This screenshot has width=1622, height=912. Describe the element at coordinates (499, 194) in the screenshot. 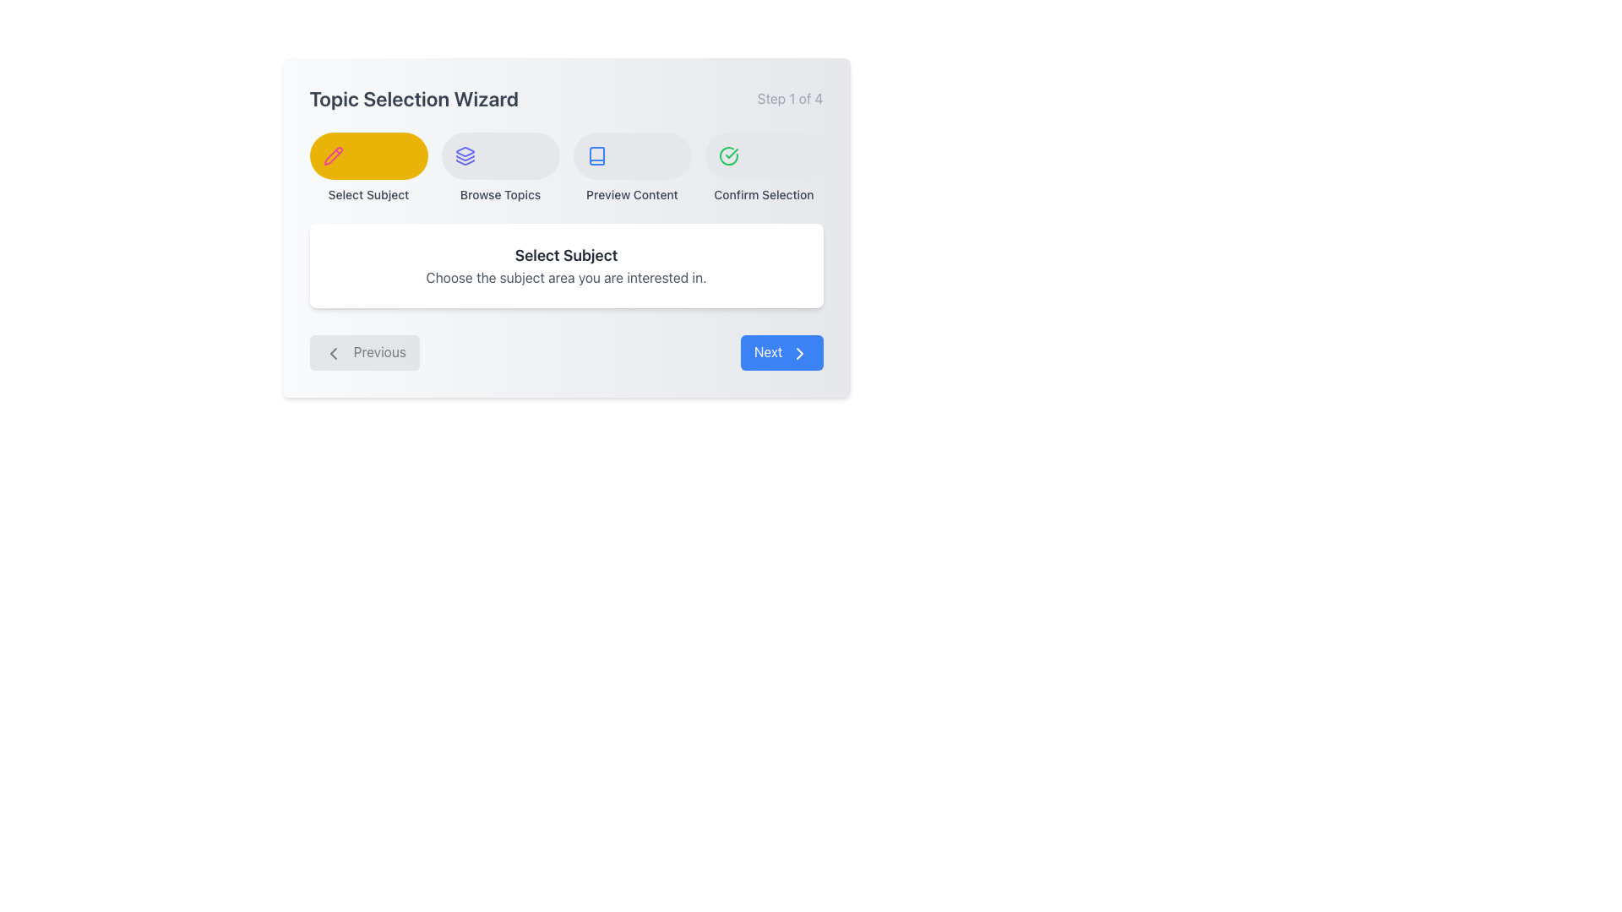

I see `the text label displaying 'Browse Topics', which is located in the navigation section at the top center of the interface, positioned below the second option and adjacent to 'Select Subject' and 'Preview Content'` at that location.